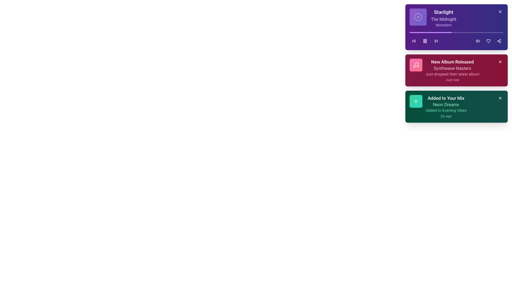  I want to click on the circular SVG icon with a smaller filled circle inside, located in the top notification card titled 'Starlight', so click(418, 17).